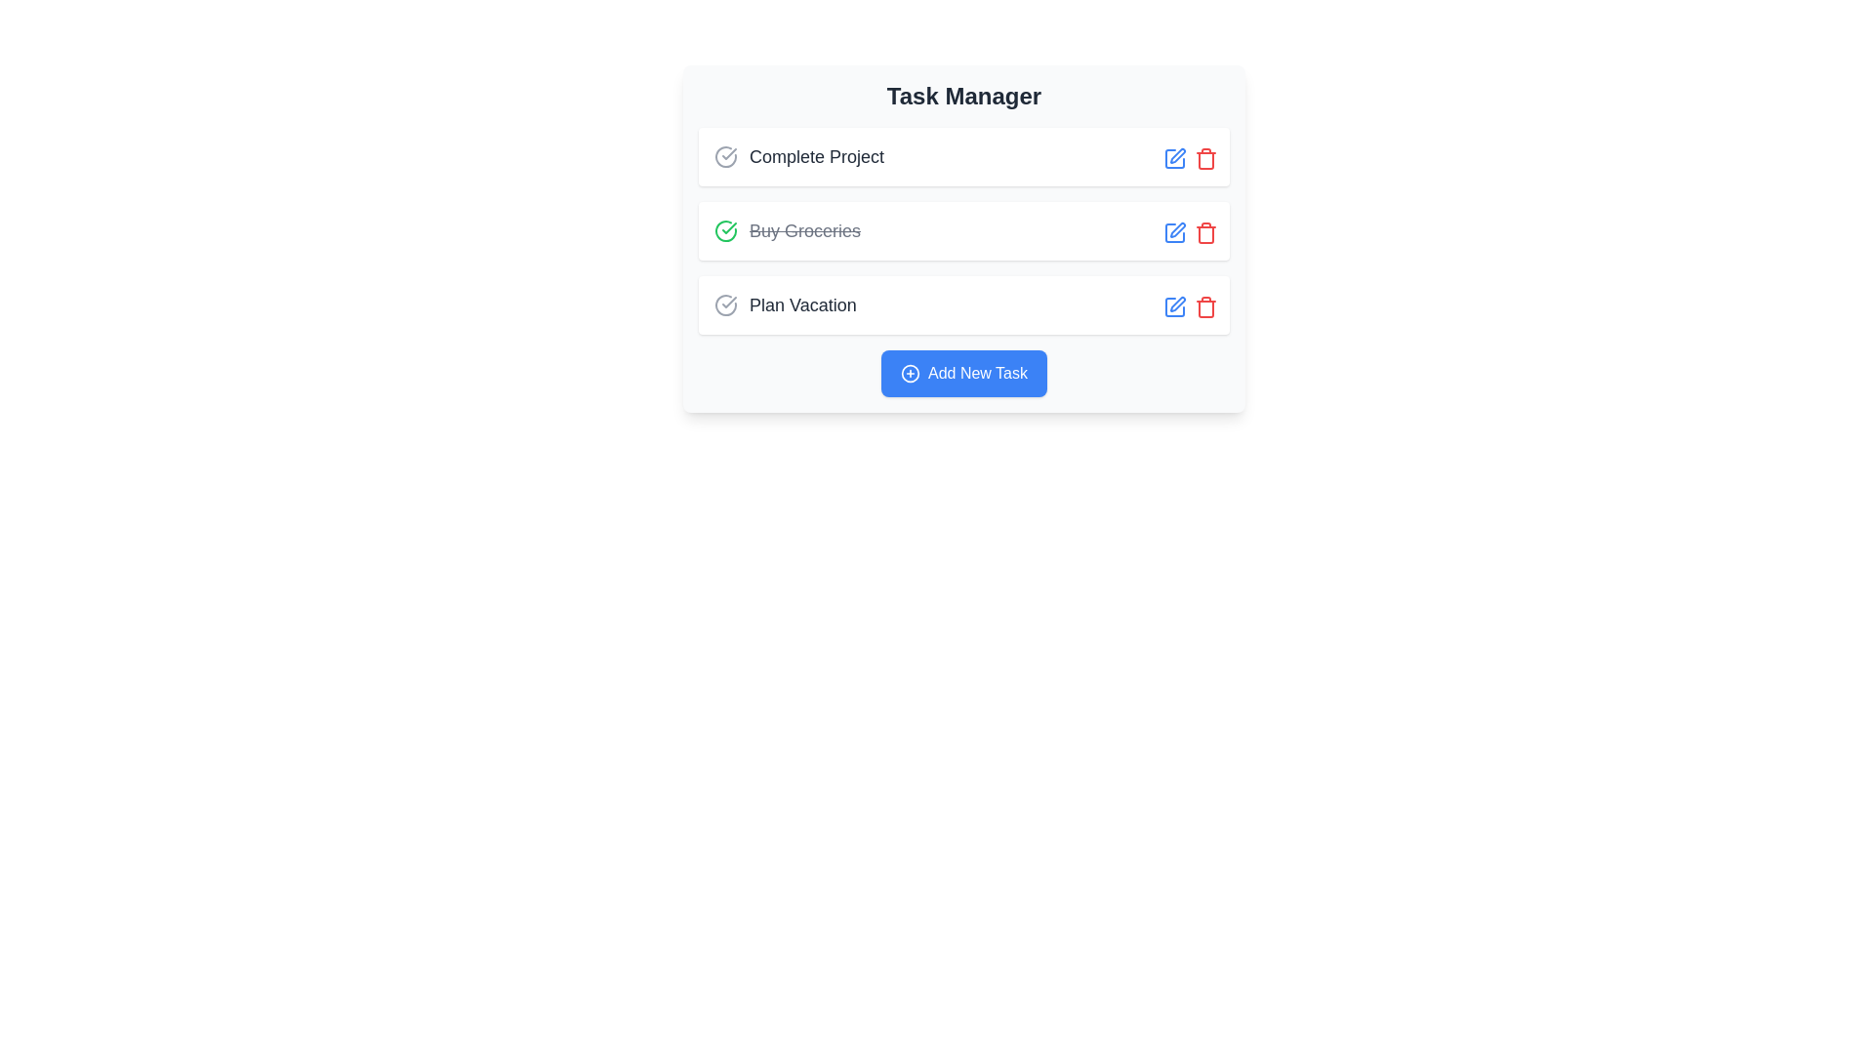 The height and width of the screenshot is (1054, 1874). What do you see at coordinates (1174, 232) in the screenshot?
I see `the edit icon located to the right of the 'Buy Groceries' task row` at bounding box center [1174, 232].